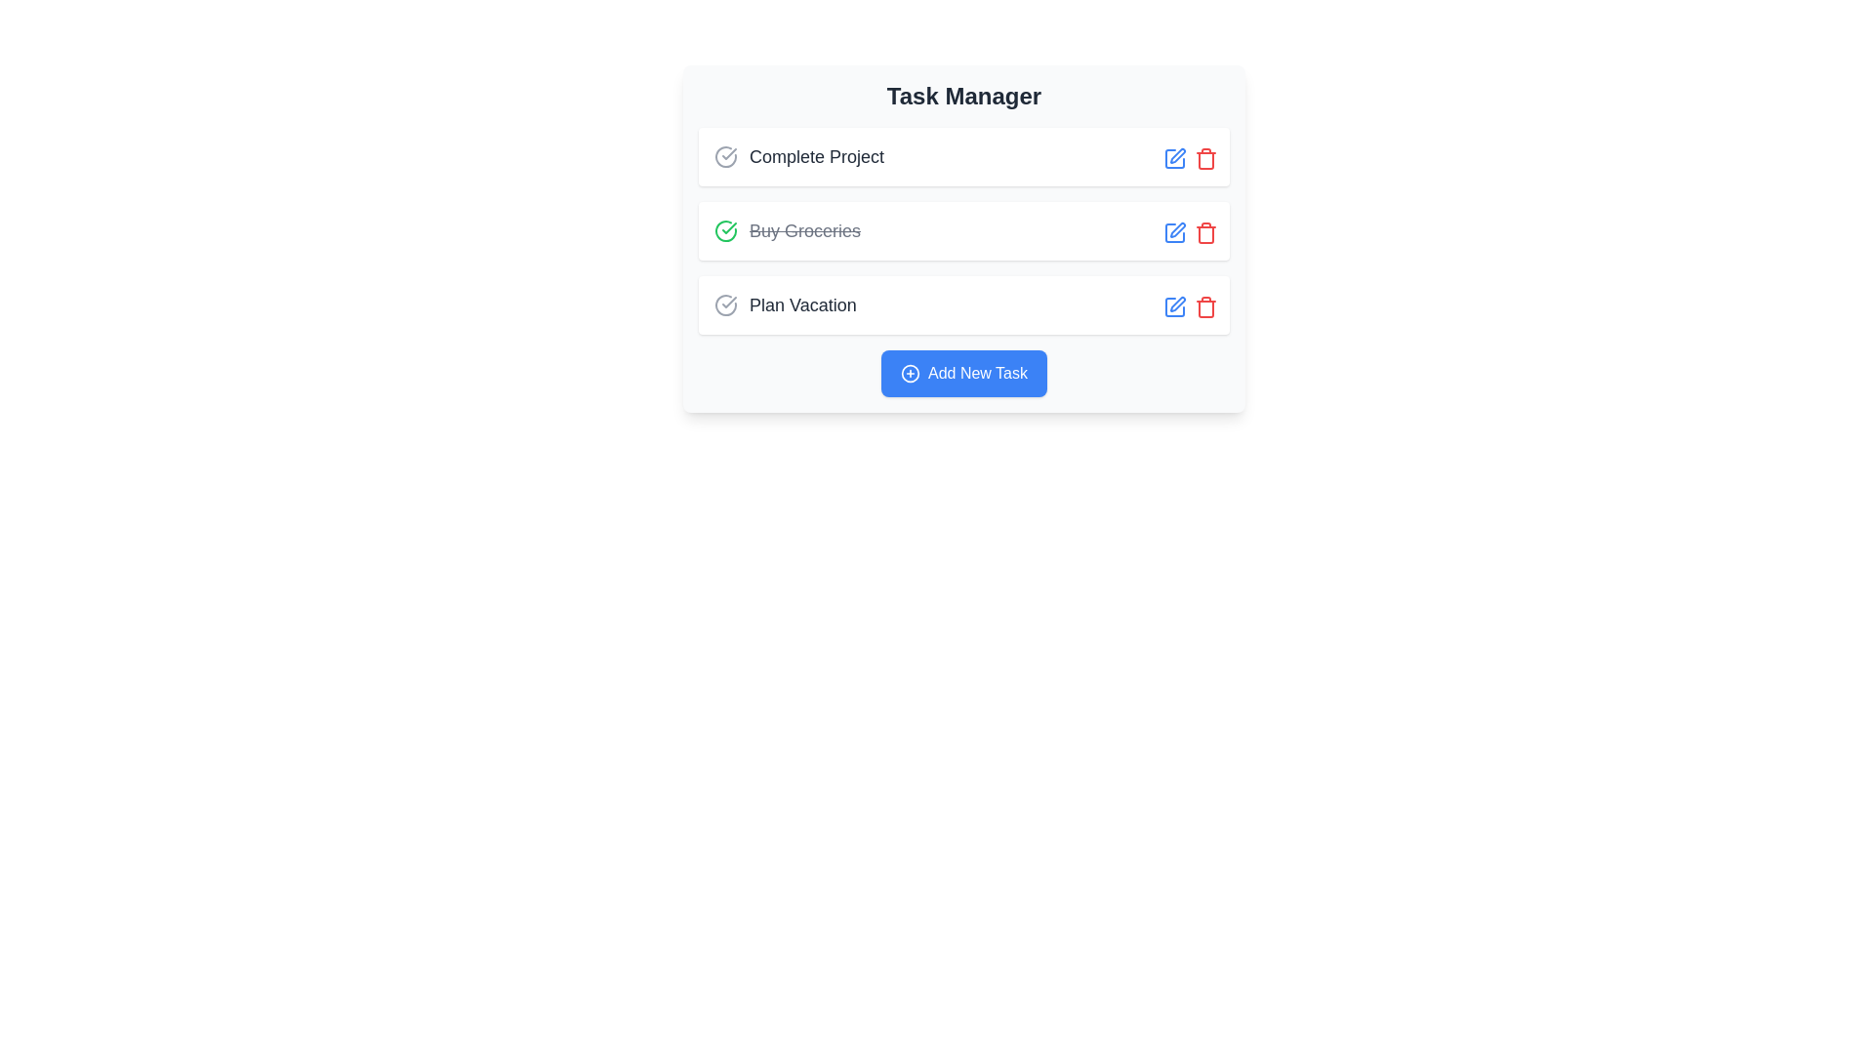 The height and width of the screenshot is (1054, 1874). What do you see at coordinates (1174, 232) in the screenshot?
I see `the edit icon located to the right of the 'Buy Groceries' task row` at bounding box center [1174, 232].